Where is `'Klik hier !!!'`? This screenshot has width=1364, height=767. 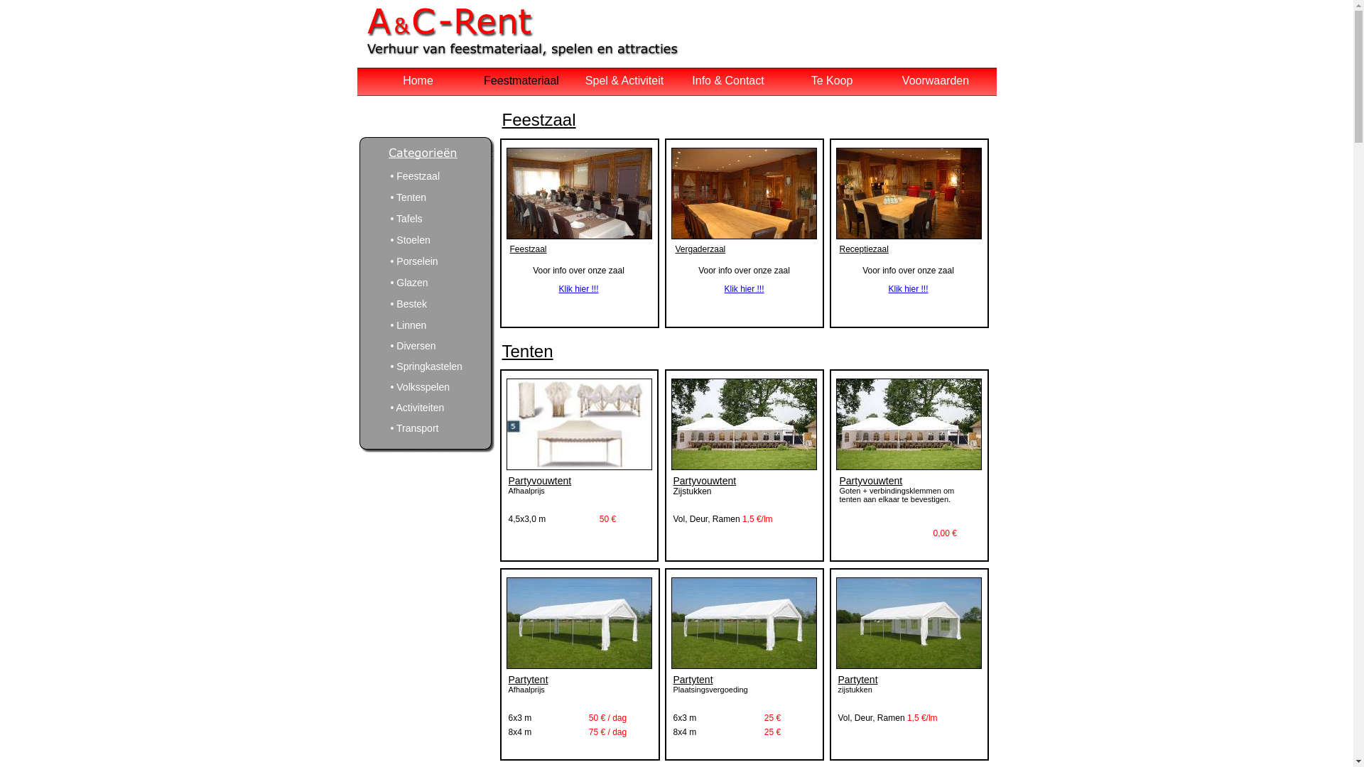 'Klik hier !!!' is located at coordinates (558, 288).